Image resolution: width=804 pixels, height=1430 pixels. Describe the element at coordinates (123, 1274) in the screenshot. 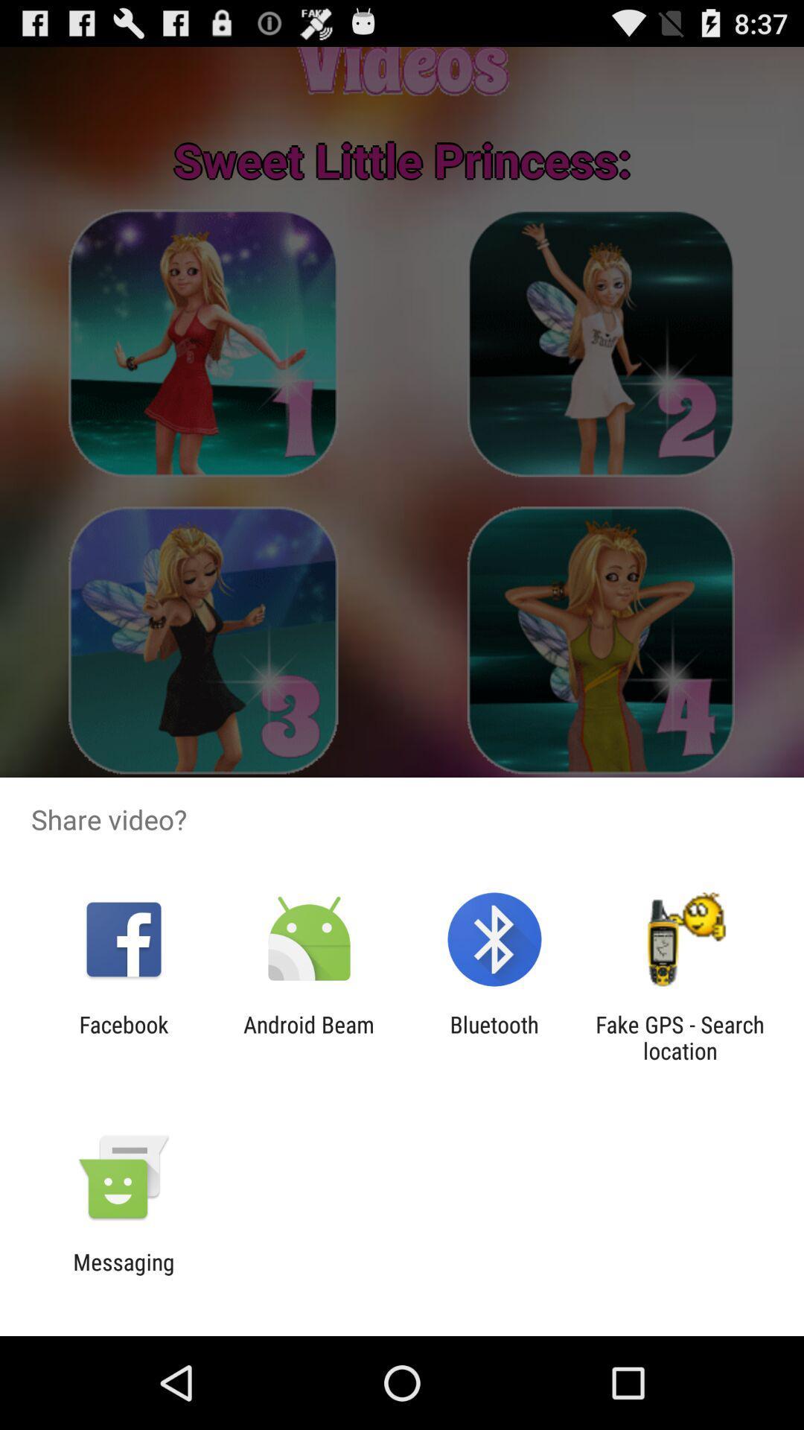

I see `messaging` at that location.